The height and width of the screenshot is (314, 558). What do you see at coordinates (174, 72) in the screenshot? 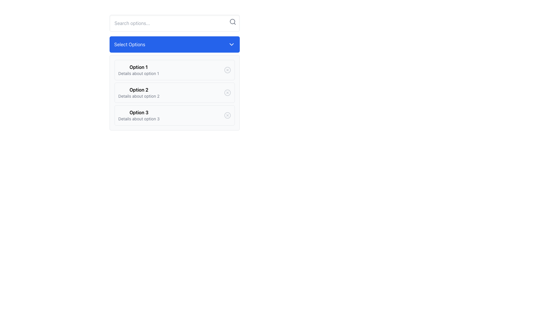
I see `the first option within the dropdown menu under the 'Select Options' title` at bounding box center [174, 72].